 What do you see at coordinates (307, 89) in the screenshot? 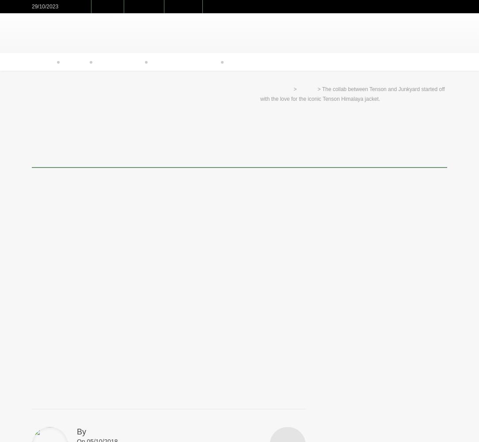
I see `'Jackets'` at bounding box center [307, 89].